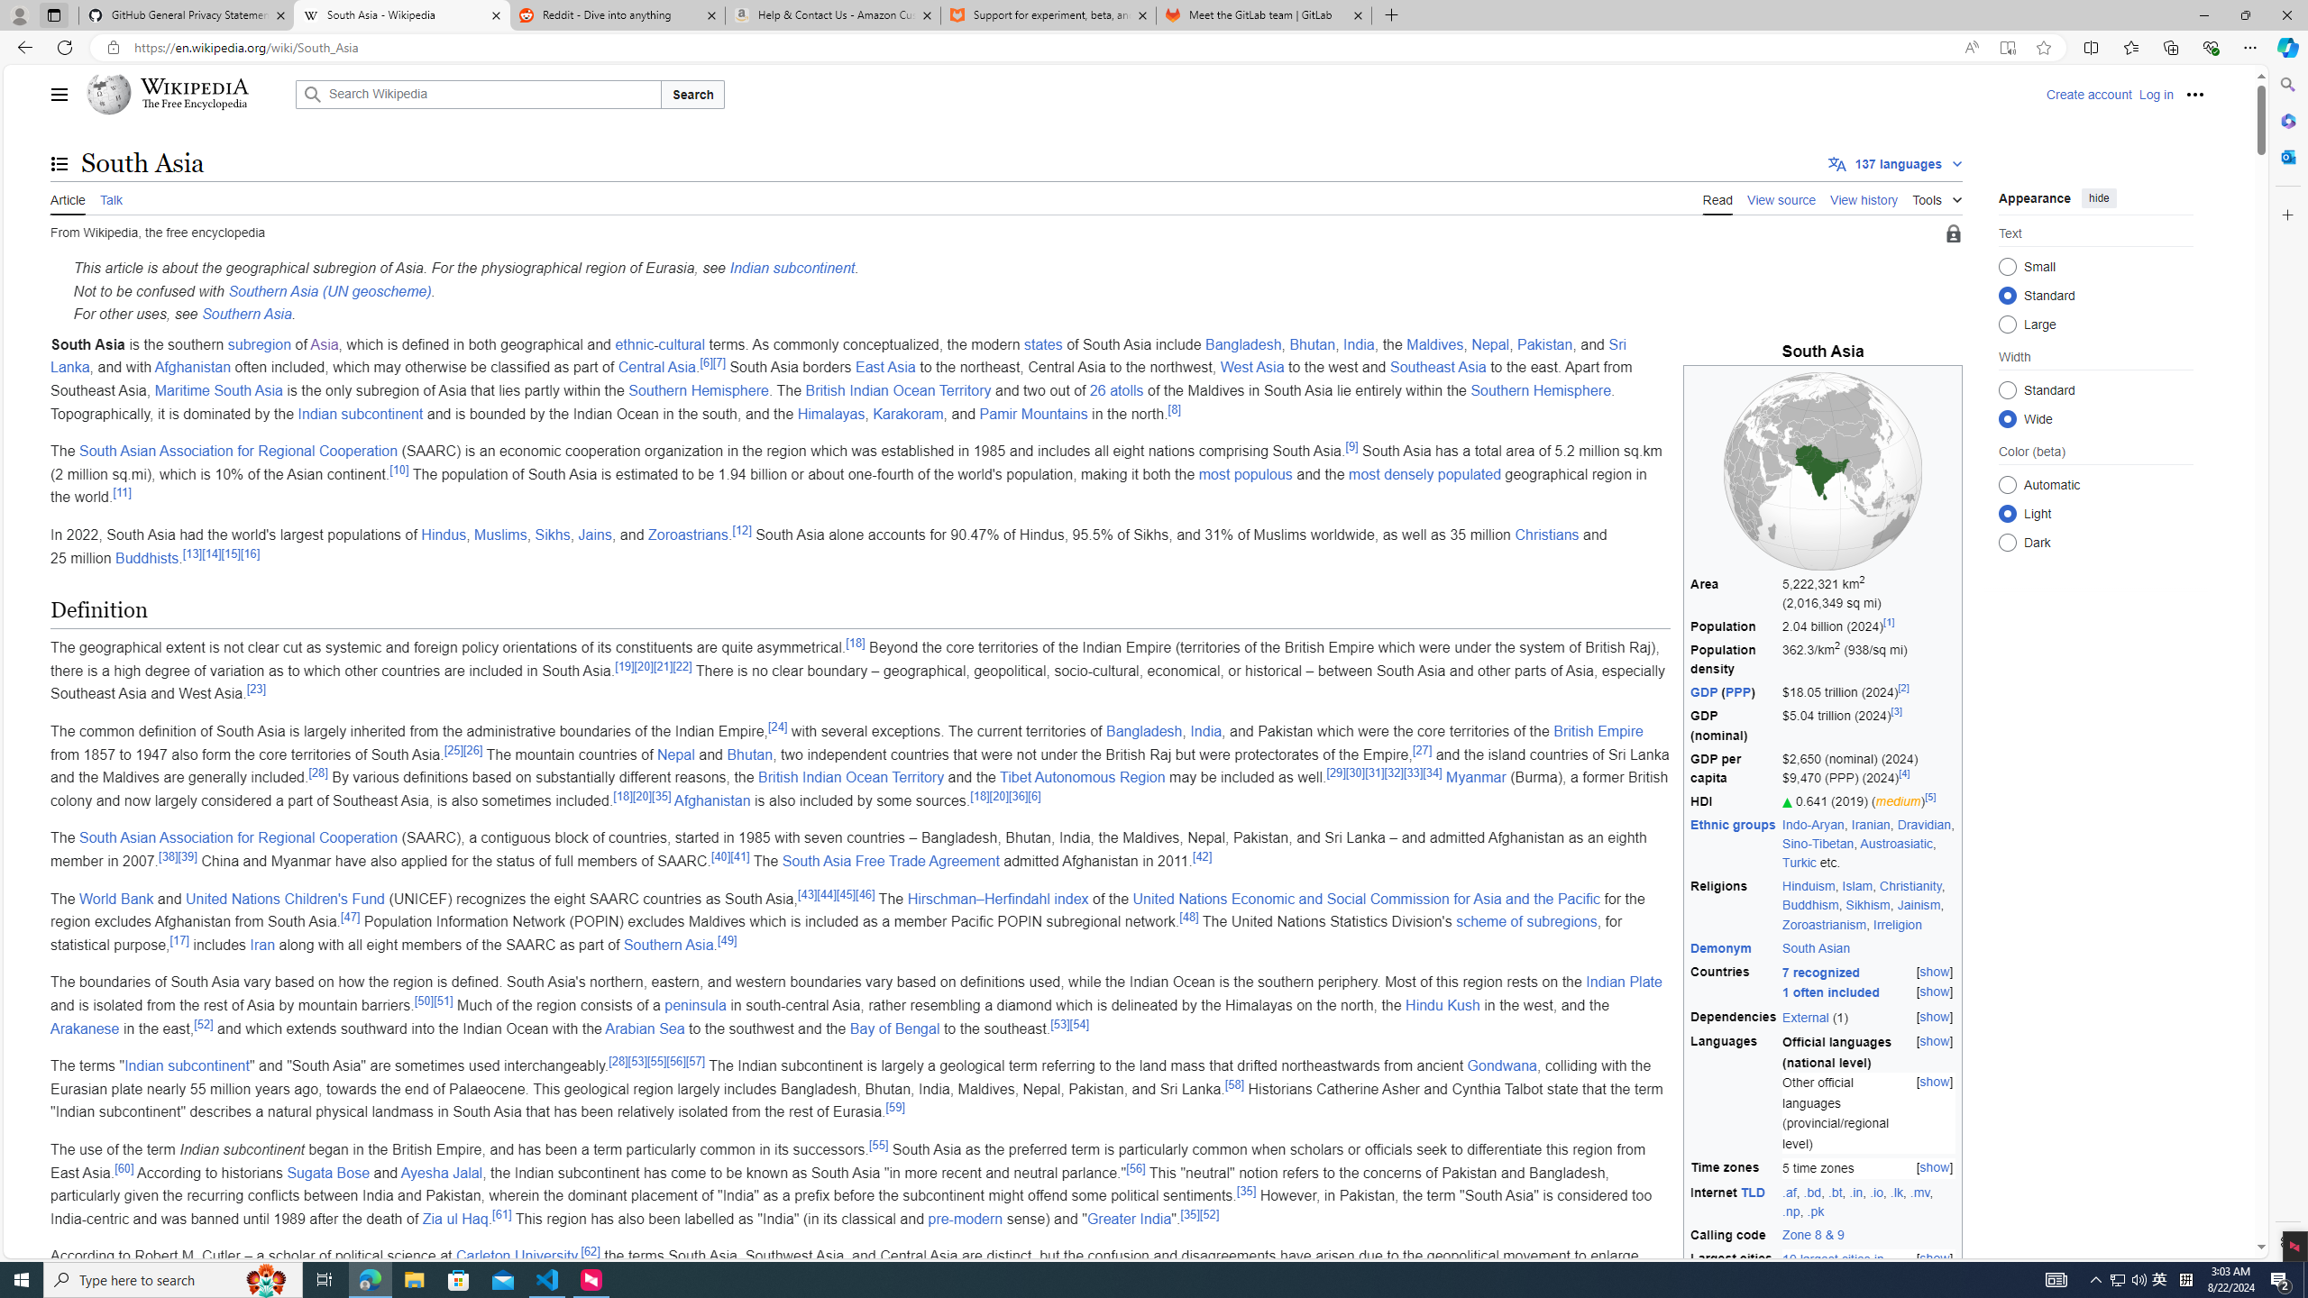  What do you see at coordinates (1868, 1270) in the screenshot?
I see `'[show] 10 largest cities in South Asia'` at bounding box center [1868, 1270].